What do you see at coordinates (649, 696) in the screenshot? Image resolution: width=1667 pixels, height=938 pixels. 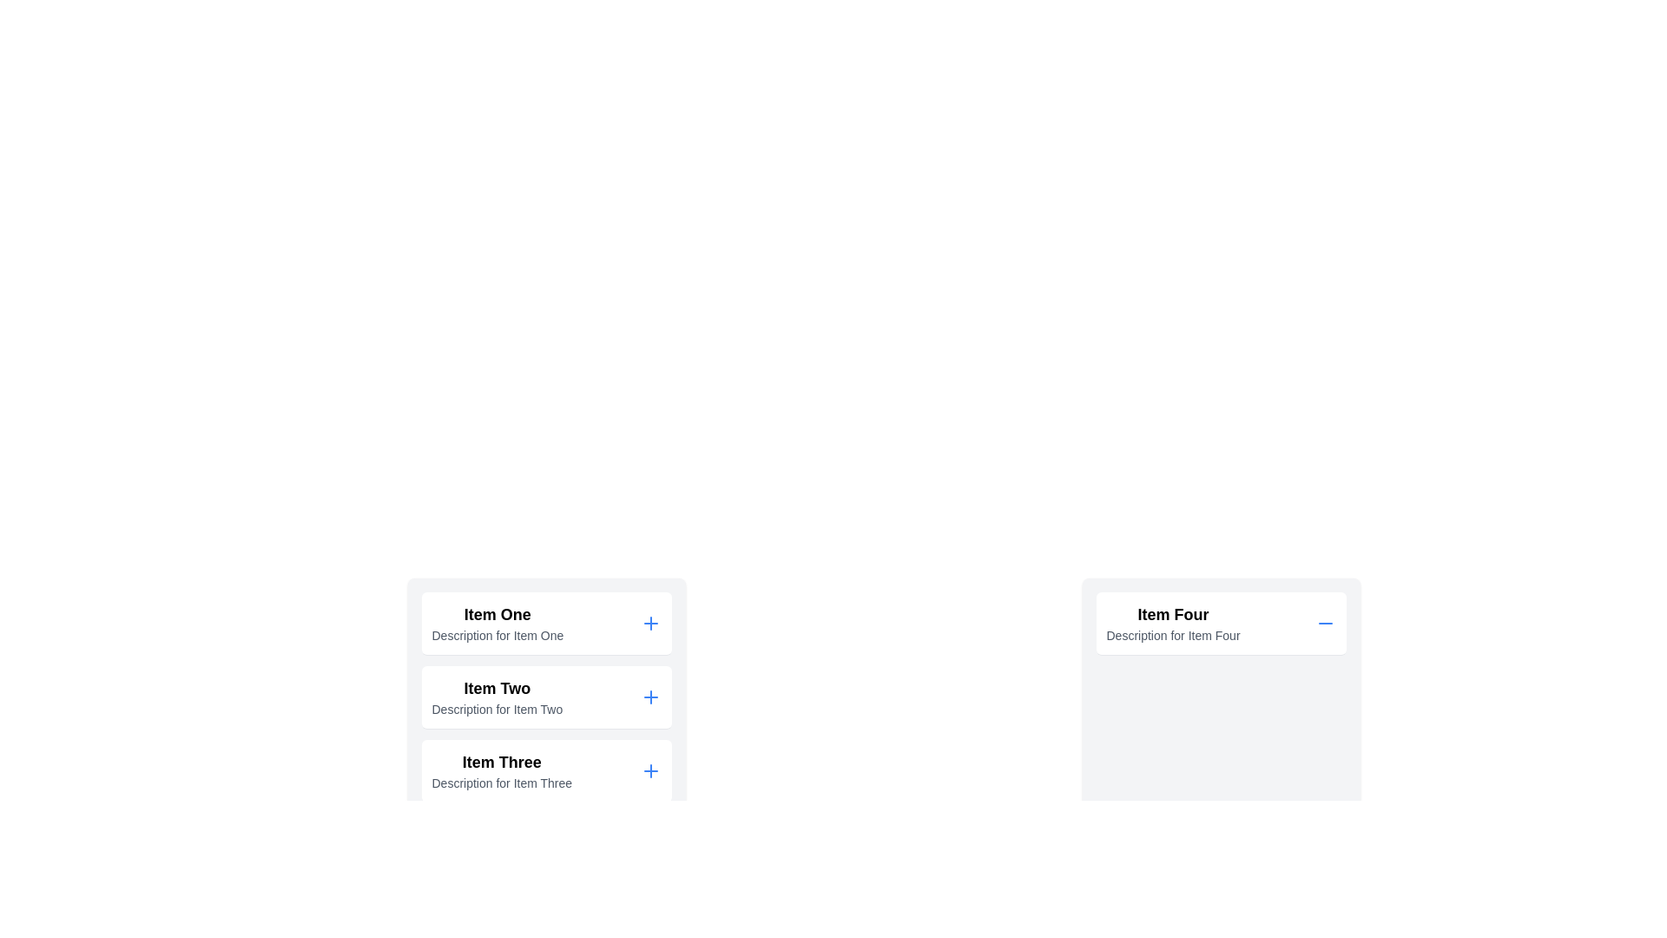 I see `the plus button next to Item Two in the source list to transfer it to the target list` at bounding box center [649, 696].